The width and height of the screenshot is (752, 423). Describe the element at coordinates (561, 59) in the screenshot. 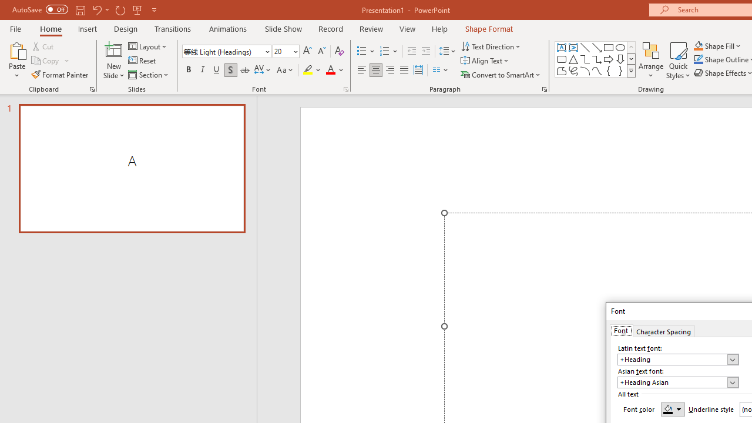

I see `'Rectangle: Rounded Corners'` at that location.